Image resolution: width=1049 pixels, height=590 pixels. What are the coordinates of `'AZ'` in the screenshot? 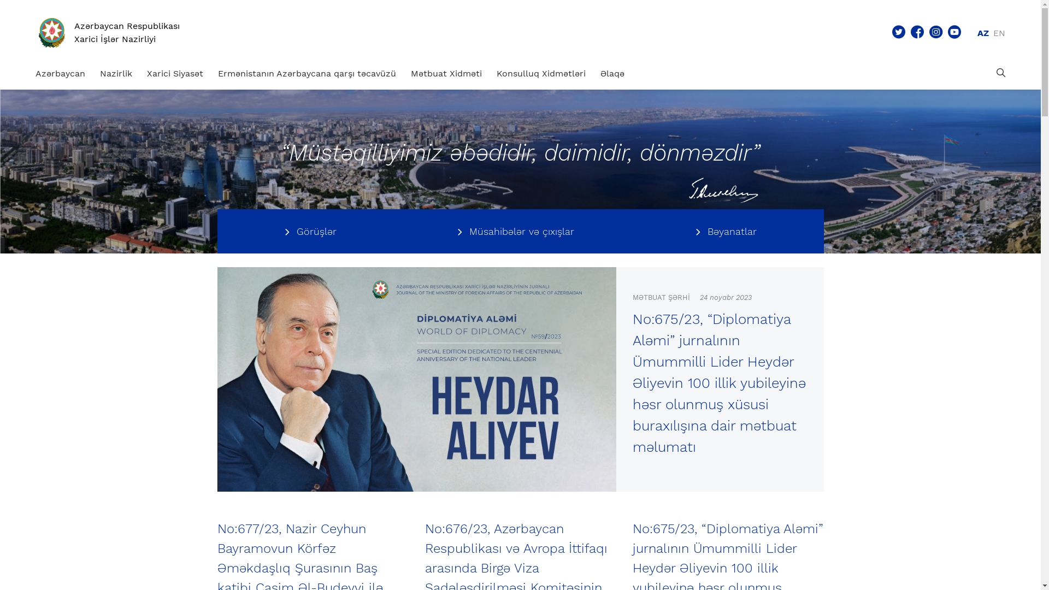 It's located at (977, 32).